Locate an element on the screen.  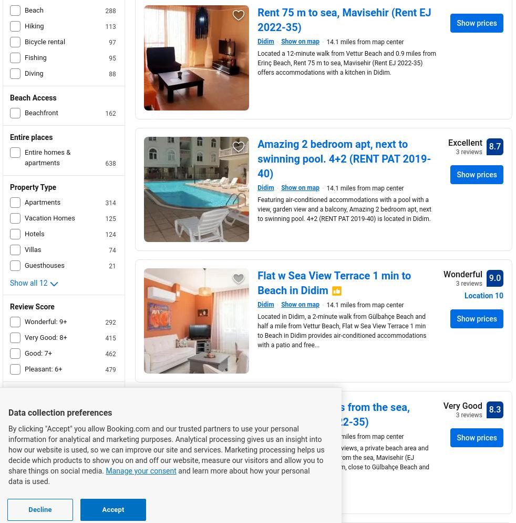
'Good: 7+' is located at coordinates (37, 353).